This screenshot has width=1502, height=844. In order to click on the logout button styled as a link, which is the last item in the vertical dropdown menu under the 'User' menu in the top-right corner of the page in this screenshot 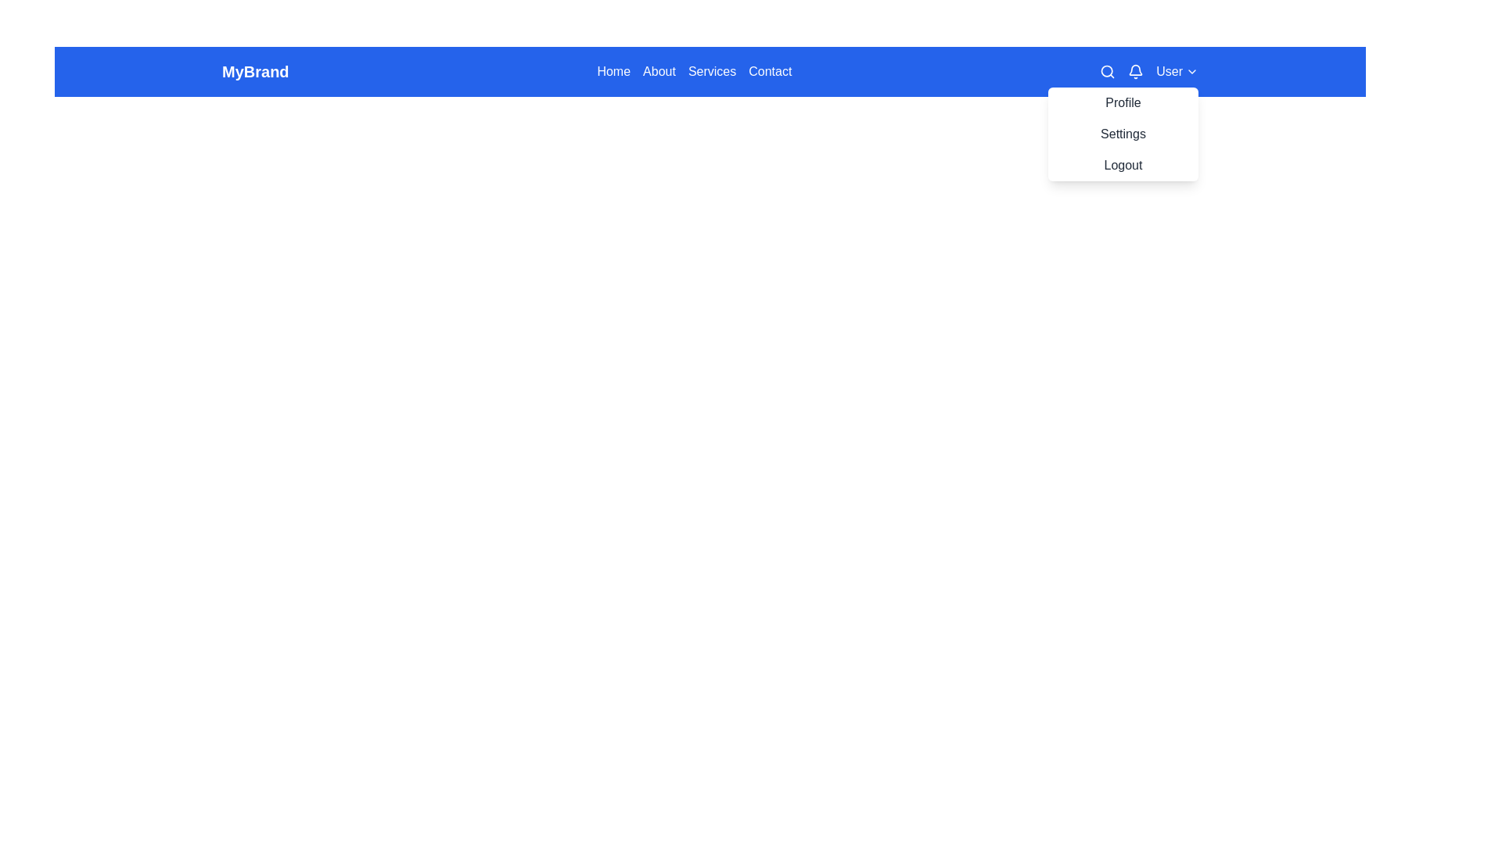, I will do `click(1122, 166)`.